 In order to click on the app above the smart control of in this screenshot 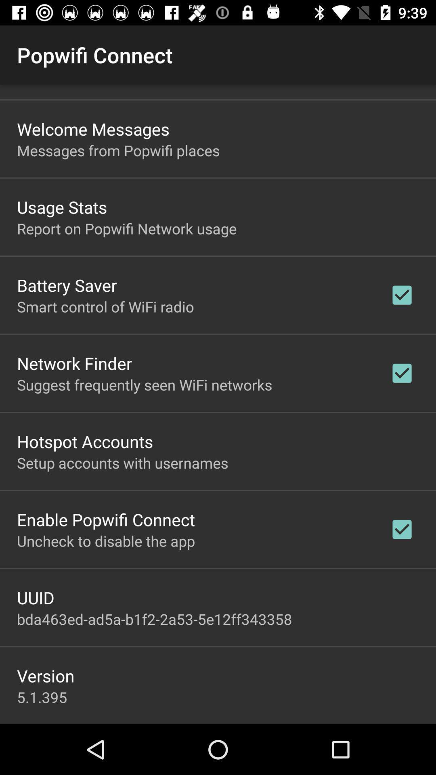, I will do `click(66, 285)`.